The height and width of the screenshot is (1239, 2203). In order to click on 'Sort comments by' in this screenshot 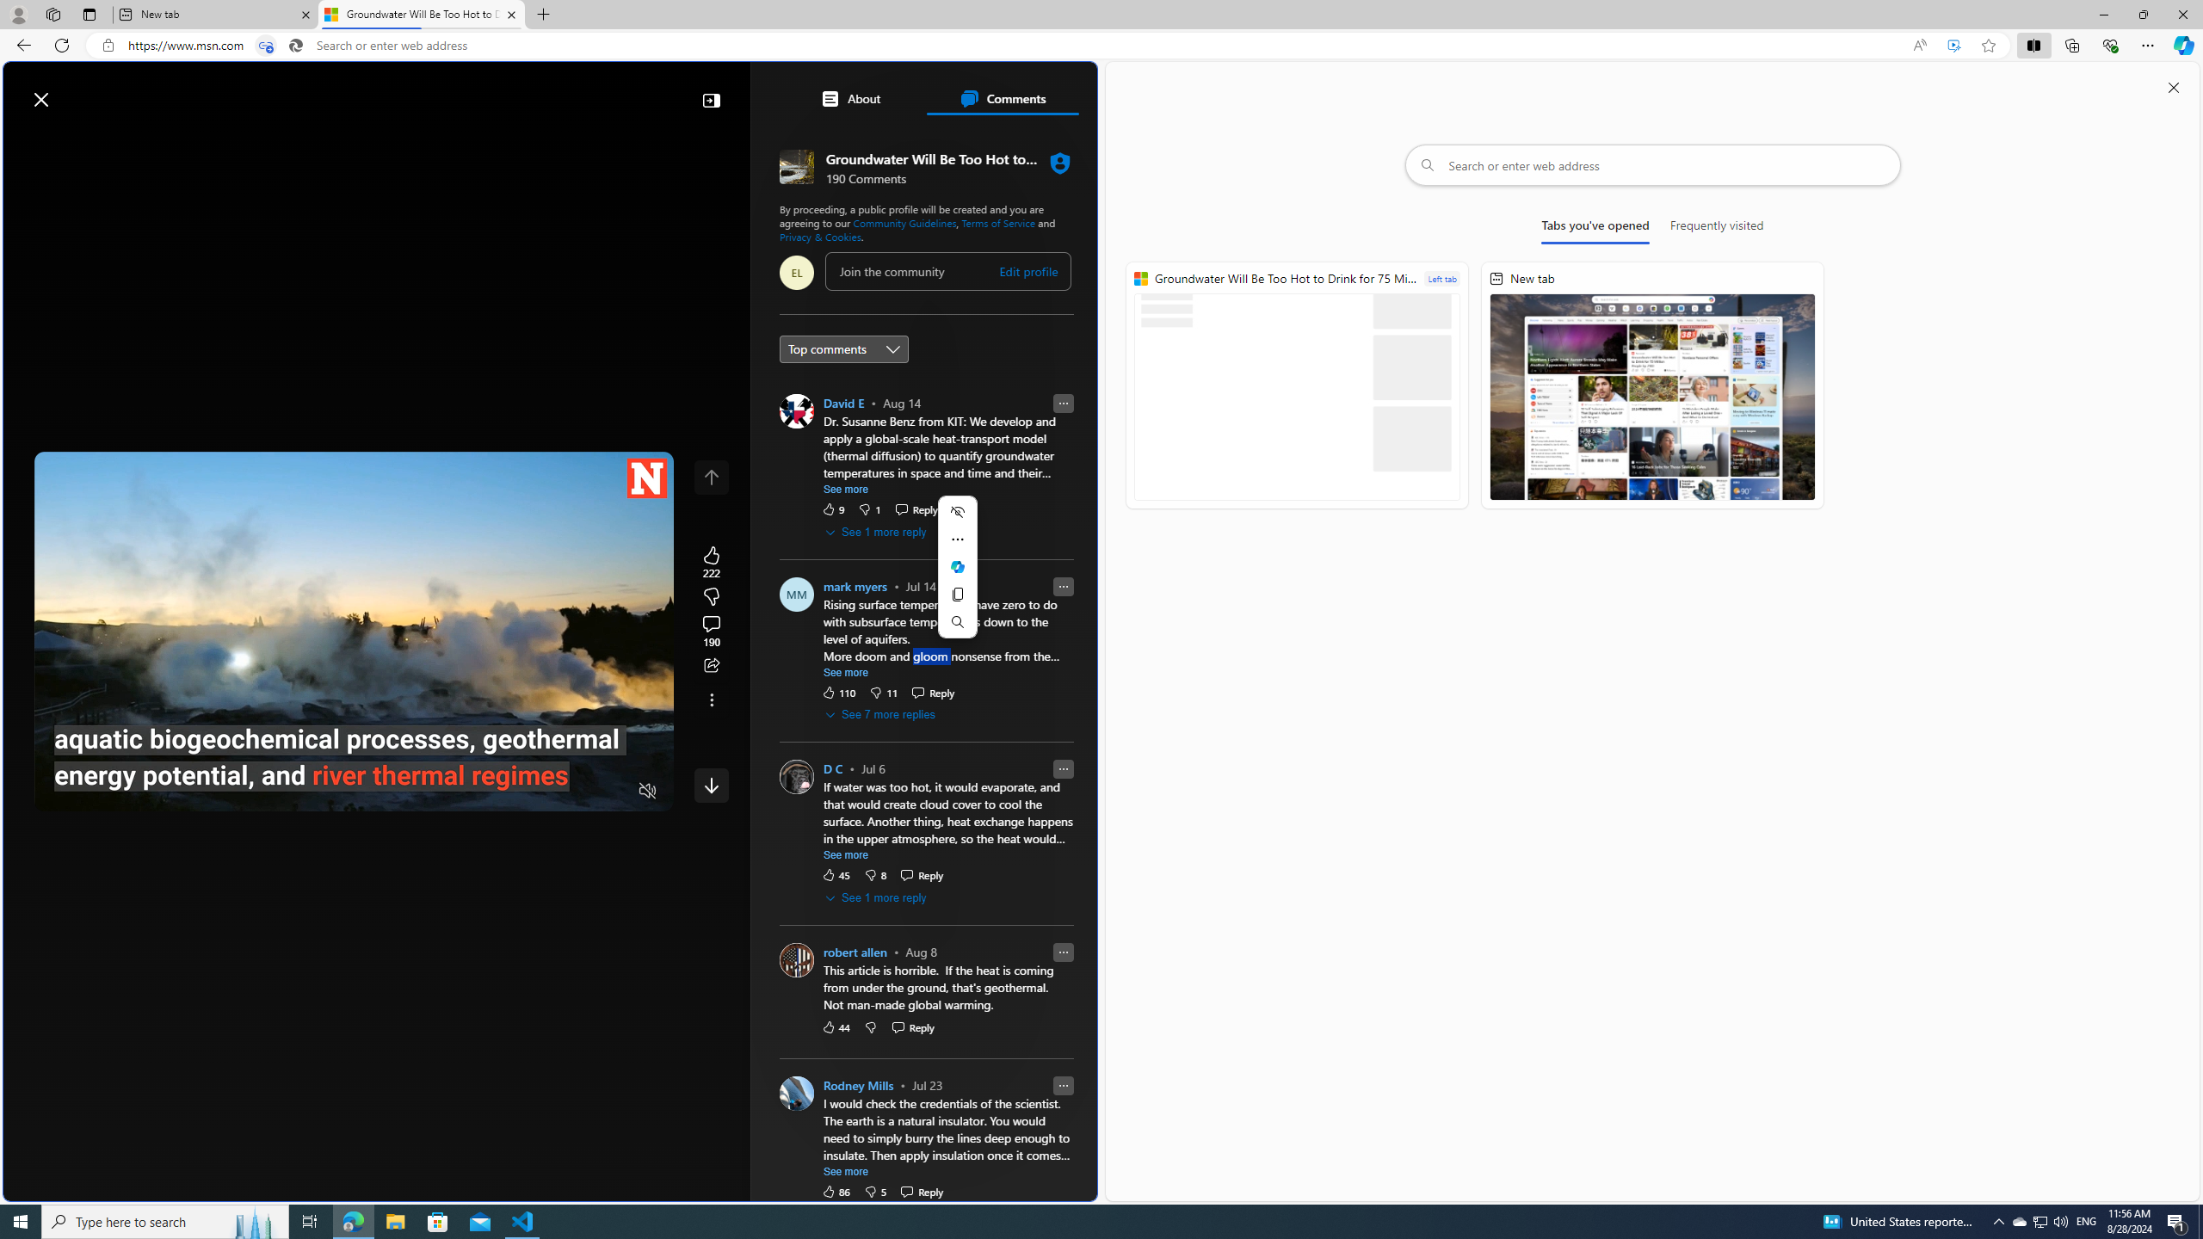, I will do `click(842, 348)`.